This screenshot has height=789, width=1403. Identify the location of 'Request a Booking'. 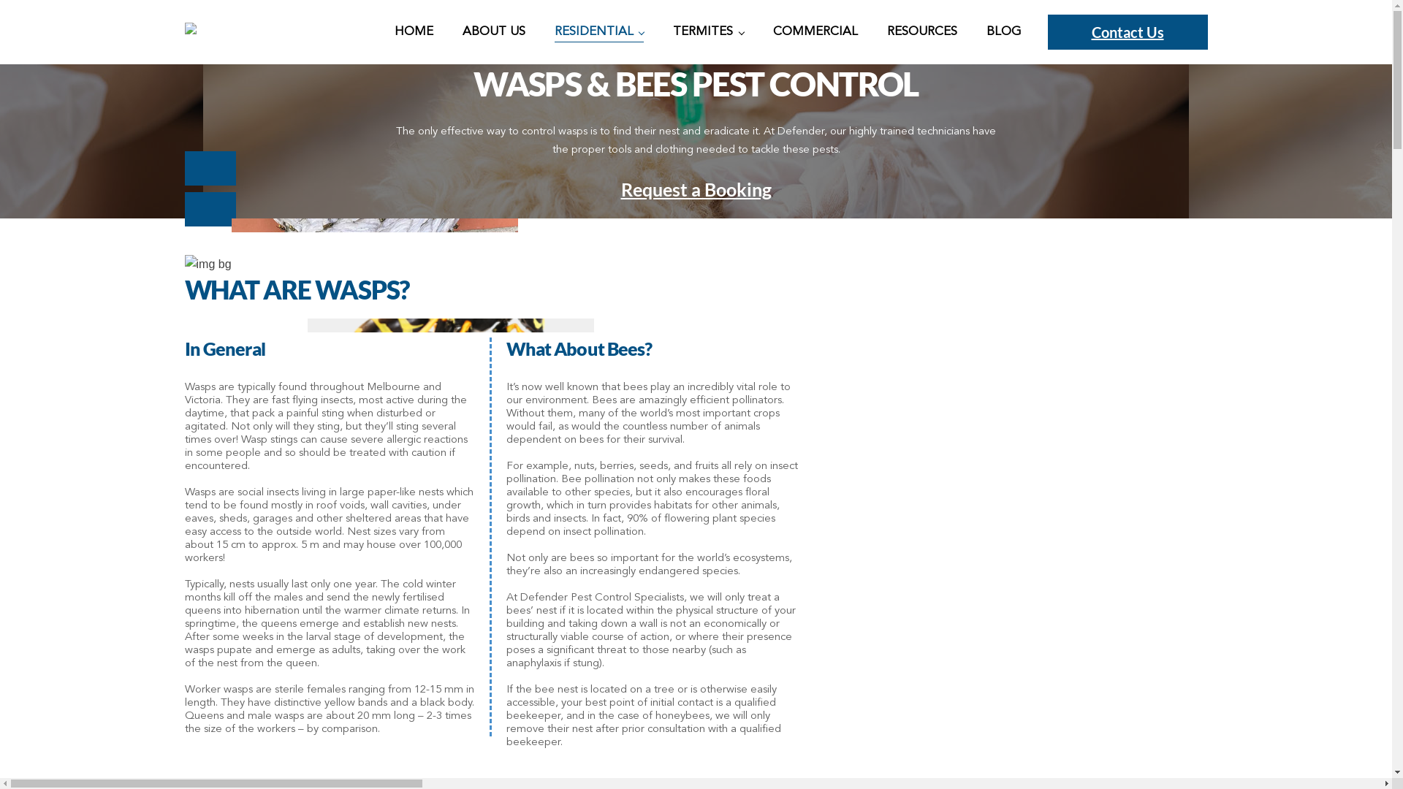
(694, 188).